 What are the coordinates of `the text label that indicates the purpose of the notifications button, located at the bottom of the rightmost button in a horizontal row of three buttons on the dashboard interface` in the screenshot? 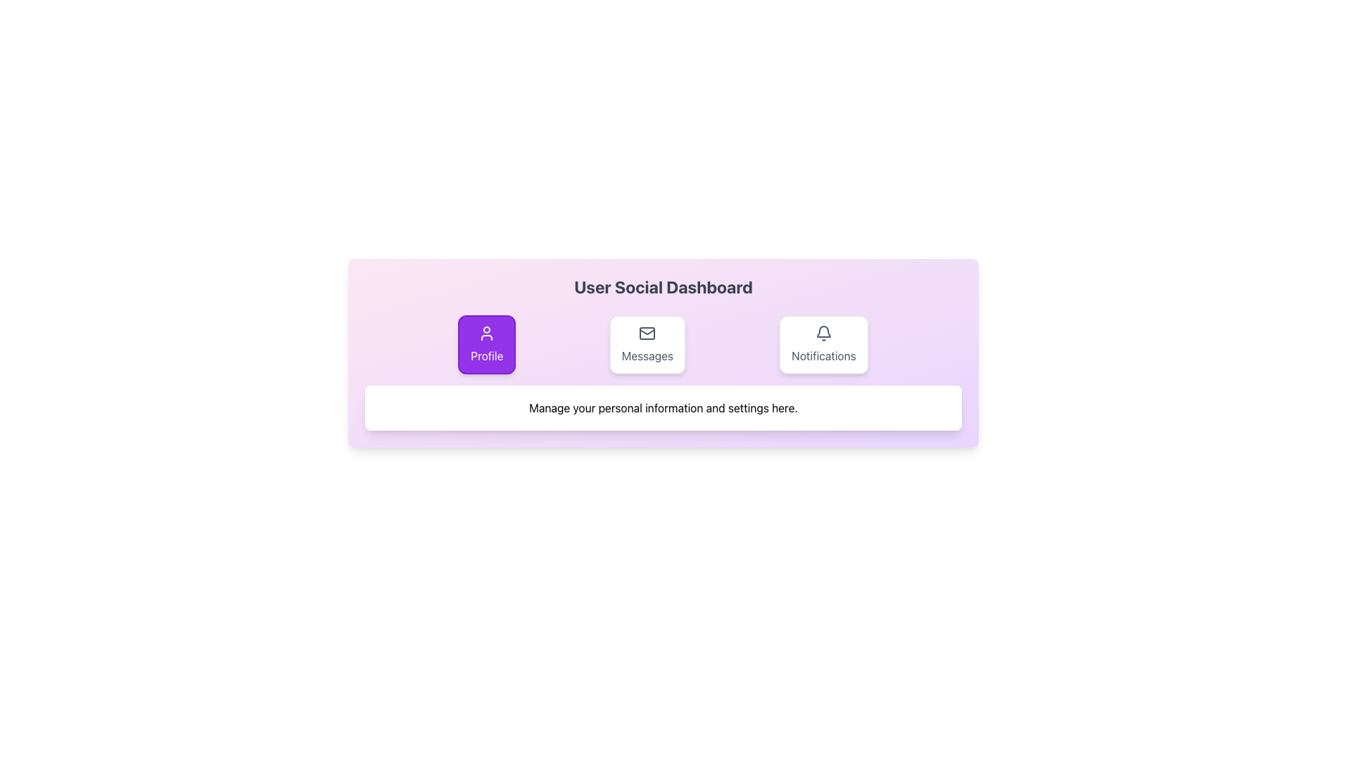 It's located at (824, 355).